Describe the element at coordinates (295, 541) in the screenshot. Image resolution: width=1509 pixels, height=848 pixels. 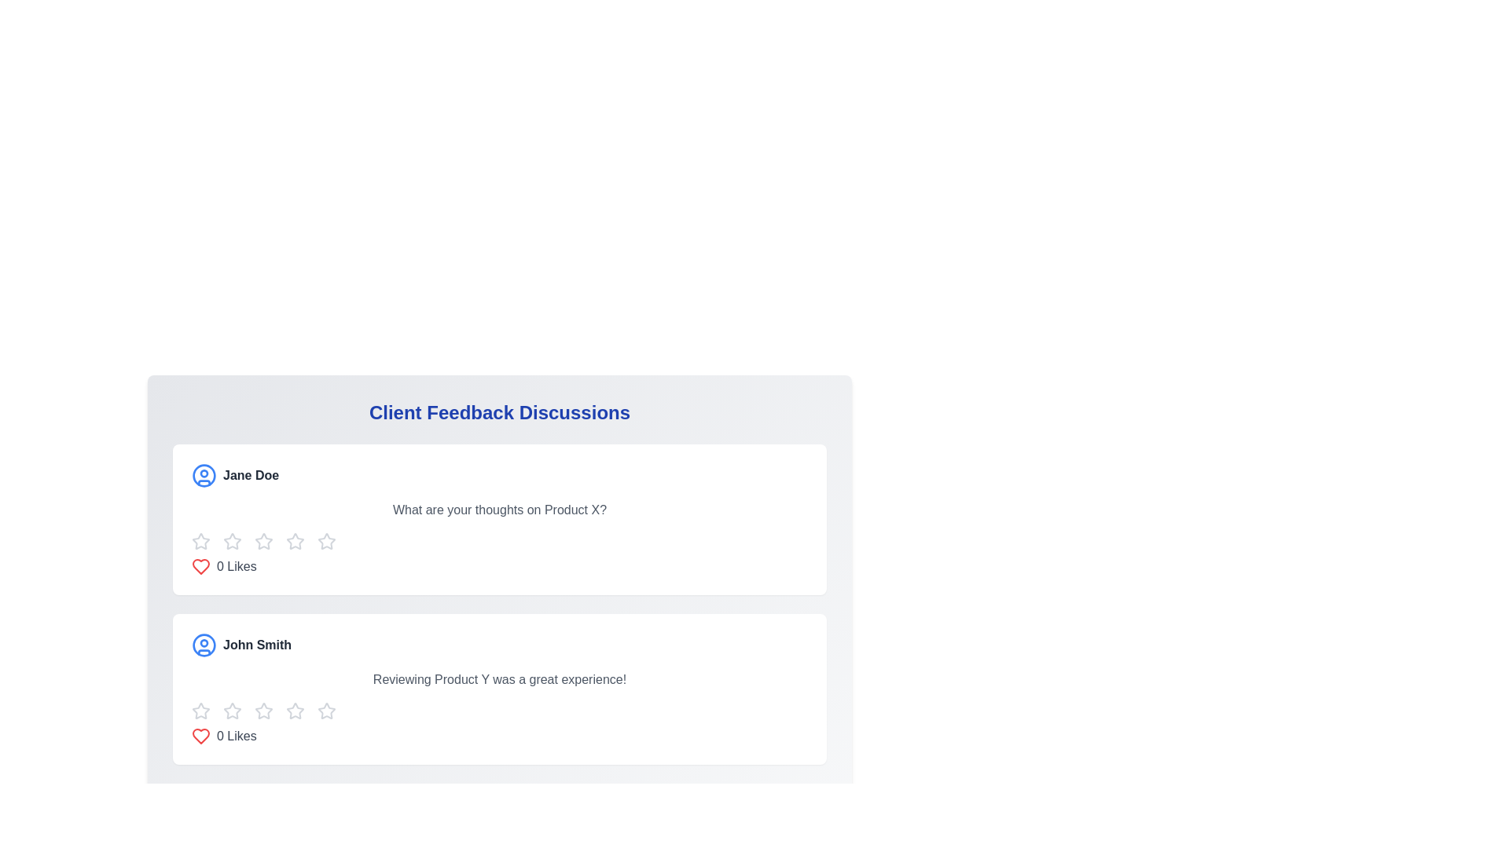
I see `the fifth star icon in the rating system` at that location.